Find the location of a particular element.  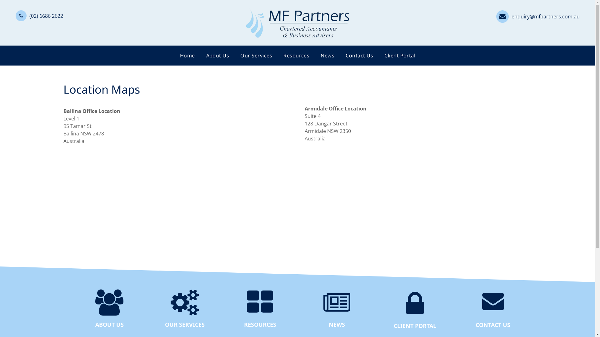

'Resources' is located at coordinates (277, 55).